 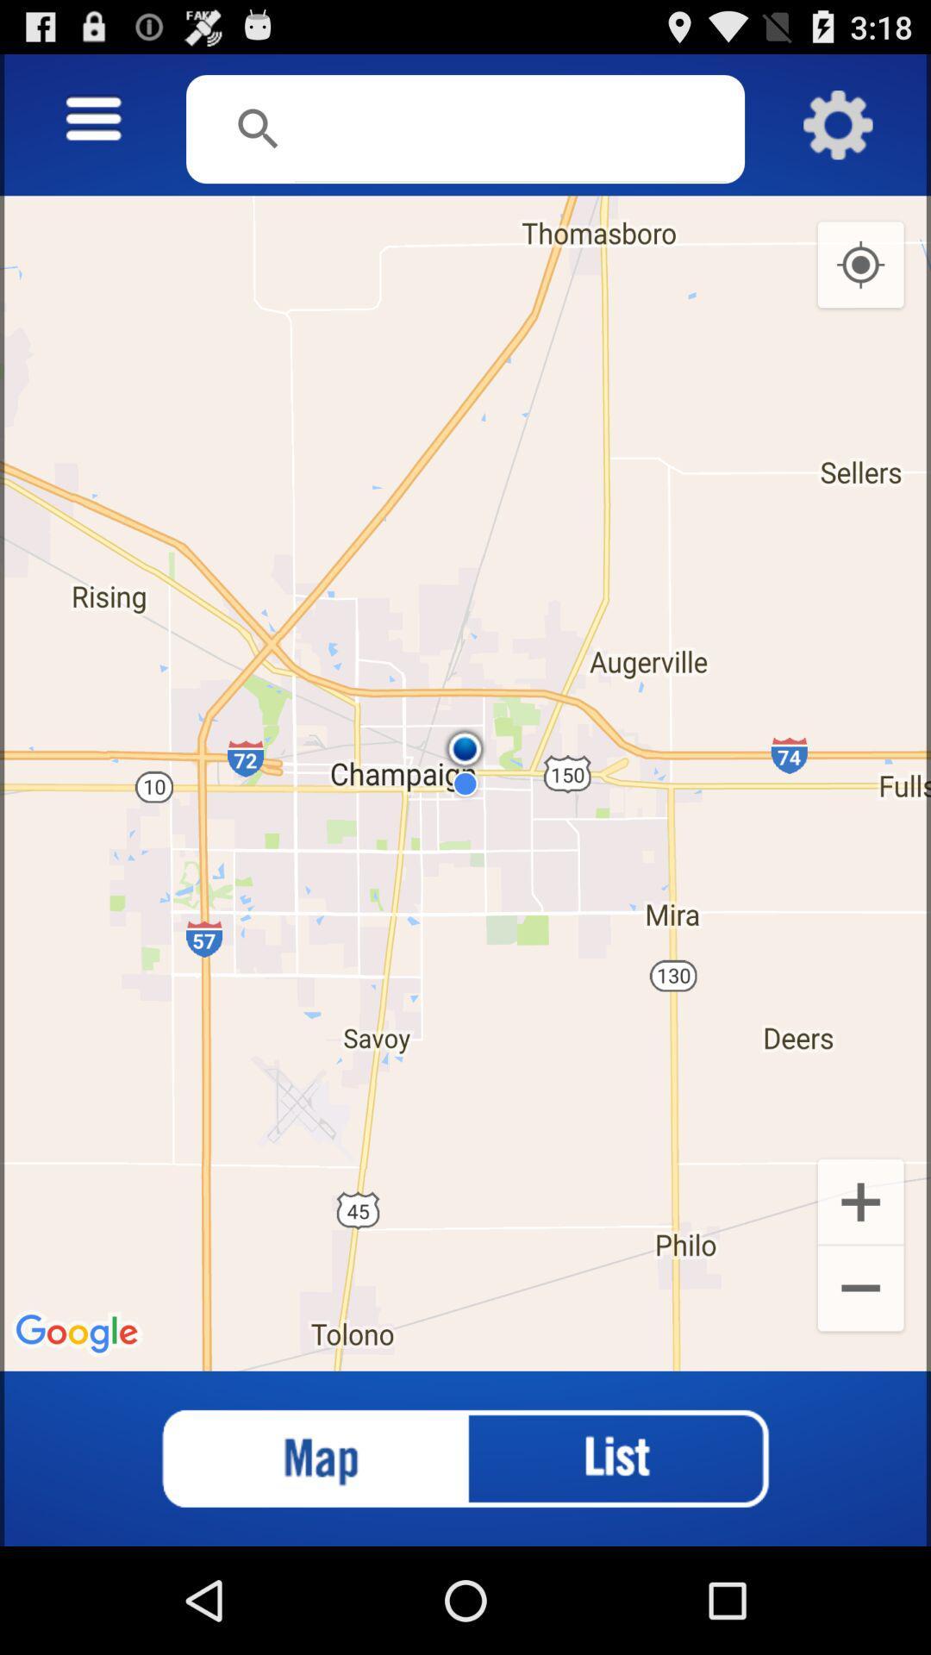 I want to click on the add icon, so click(x=860, y=1284).